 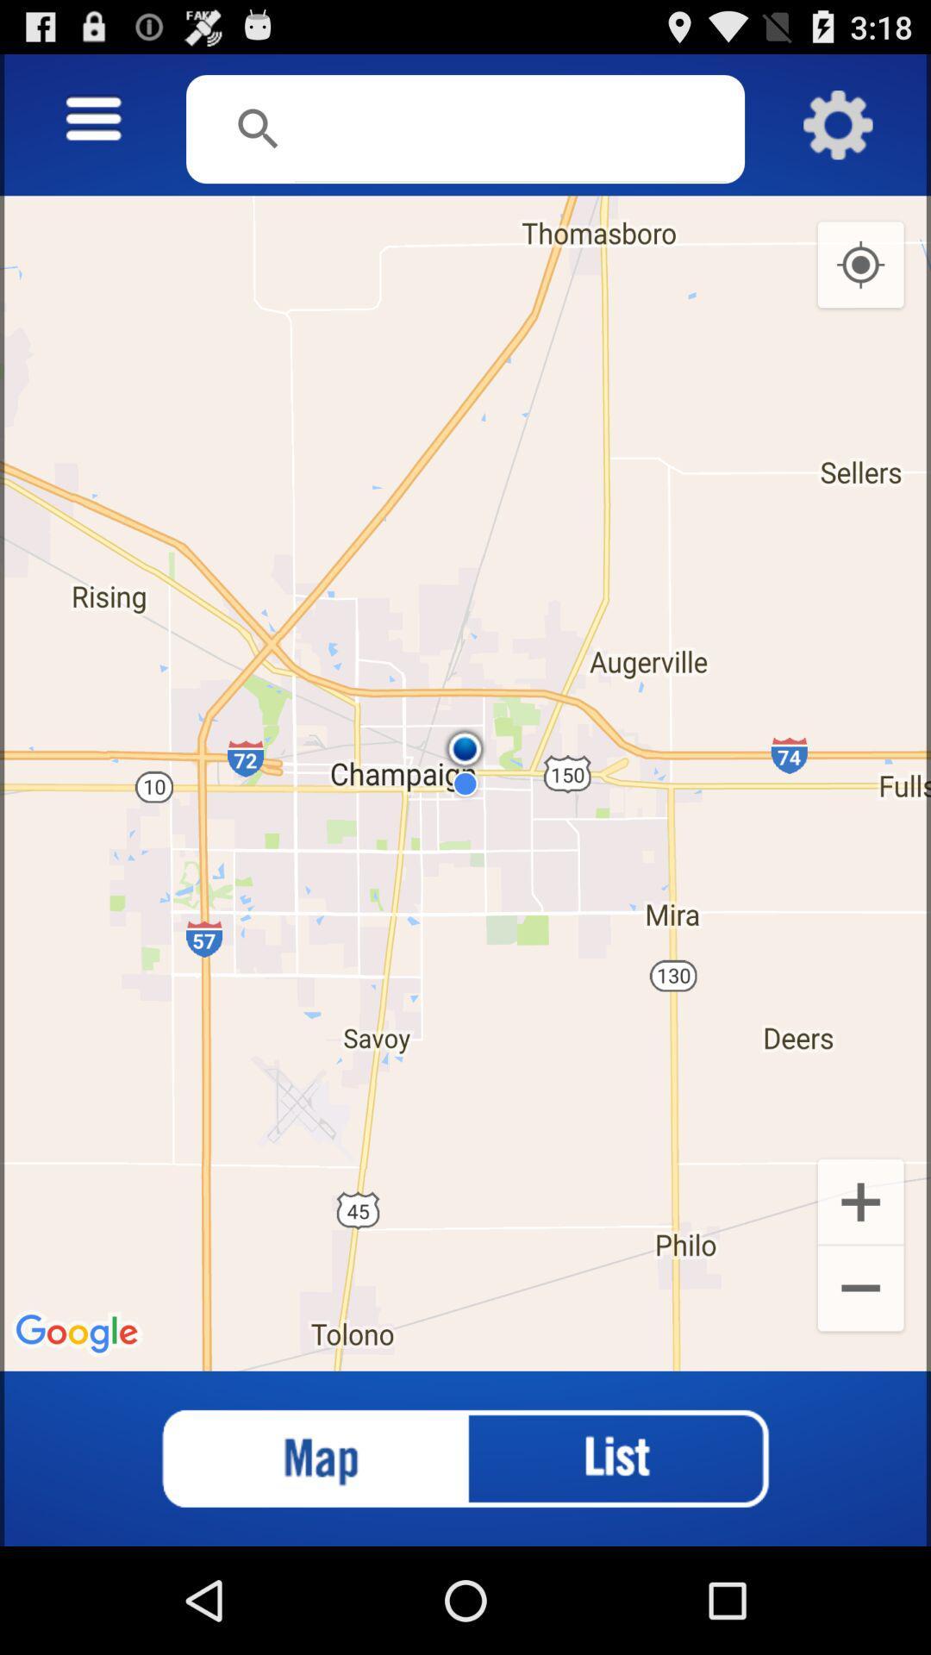 I want to click on the add icon, so click(x=860, y=1284).